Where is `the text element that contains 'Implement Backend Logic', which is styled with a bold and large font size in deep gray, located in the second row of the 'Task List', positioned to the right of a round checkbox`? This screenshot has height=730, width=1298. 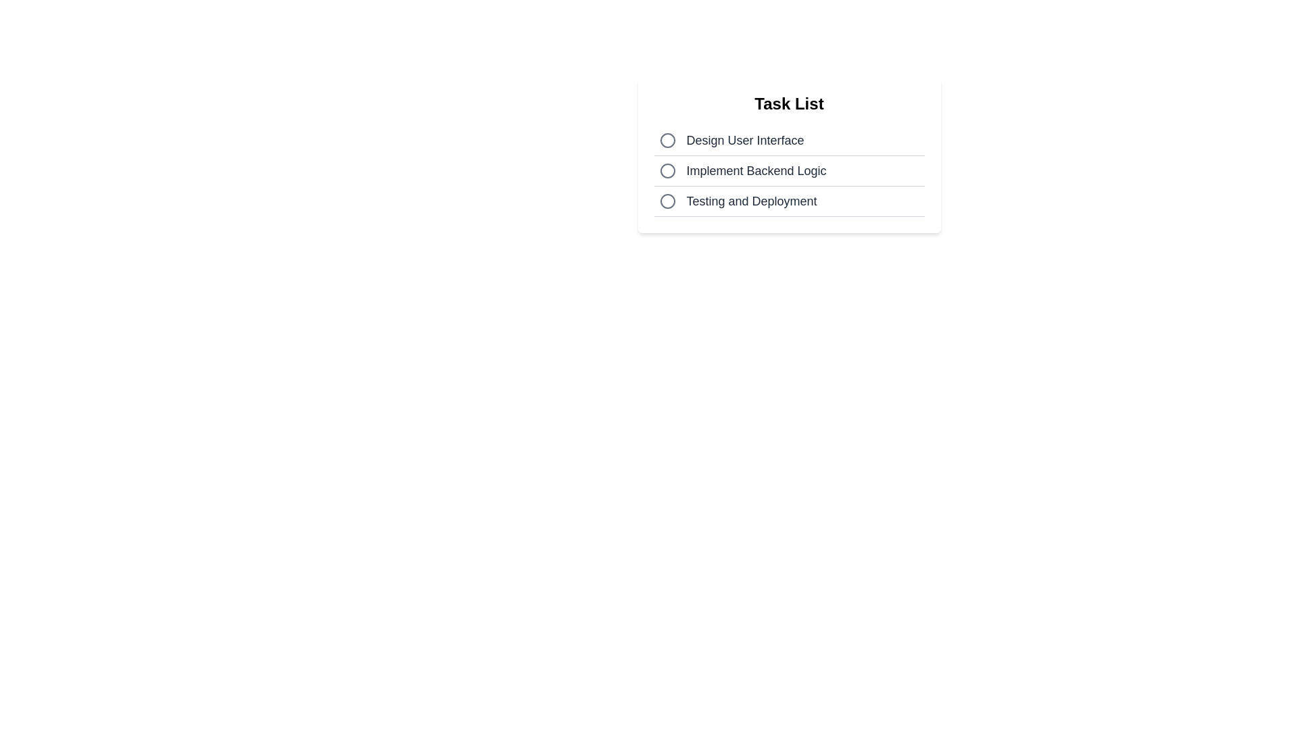
the text element that contains 'Implement Backend Logic', which is styled with a bold and large font size in deep gray, located in the second row of the 'Task List', positioned to the right of a round checkbox is located at coordinates (755, 170).